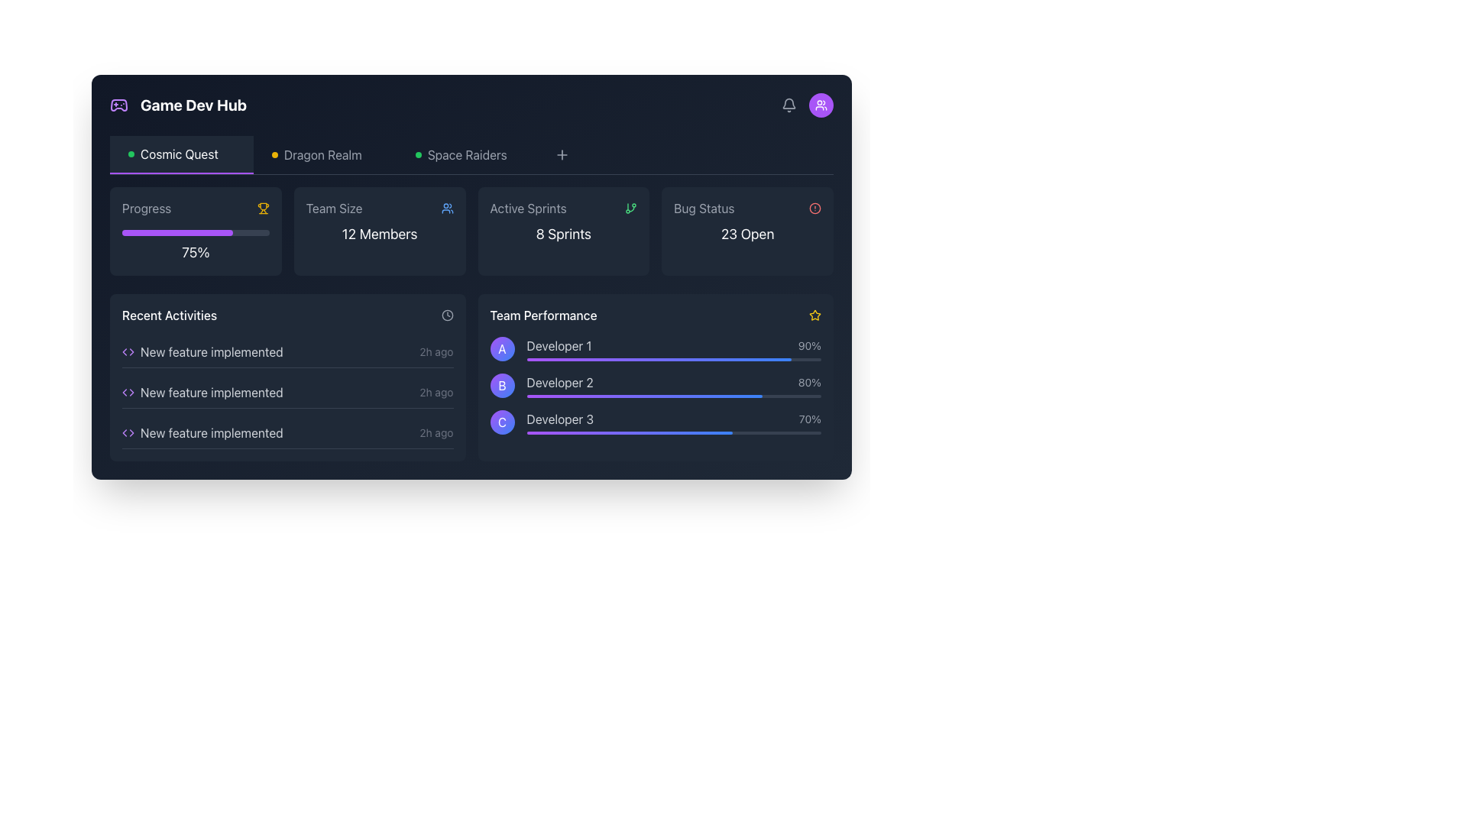 This screenshot has width=1467, height=825. What do you see at coordinates (211, 391) in the screenshot?
I see `the Text Display containing the text 'New feature implemented' in the 'Recent Activities' section` at bounding box center [211, 391].